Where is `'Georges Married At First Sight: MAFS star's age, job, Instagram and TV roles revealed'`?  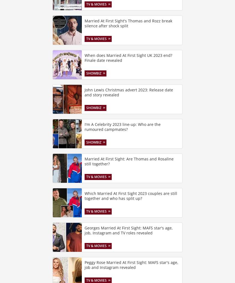
'Georges Married At First Sight: MAFS star's age, job, Instagram and TV roles revealed' is located at coordinates (85, 230).